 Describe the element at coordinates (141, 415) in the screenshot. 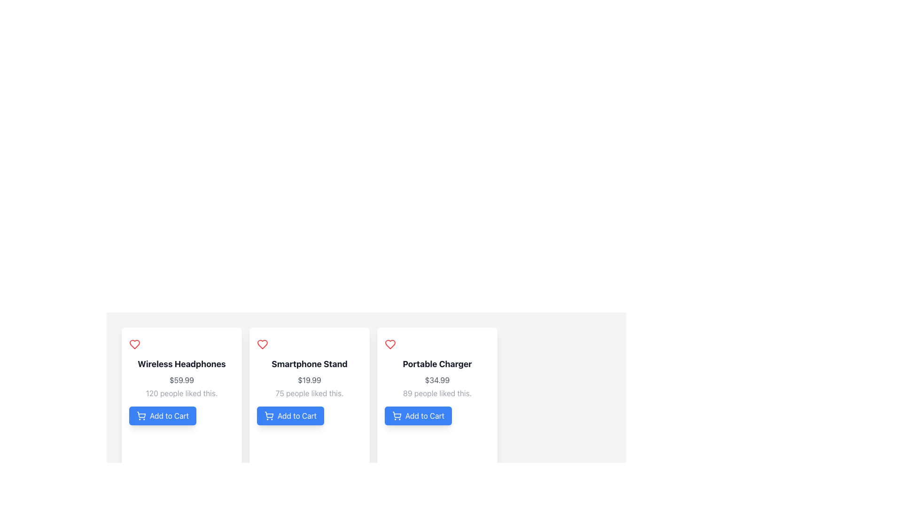

I see `the 'Add to Cart' icon located at the bottom-left of the 'Wireless Headphones' product card` at that location.